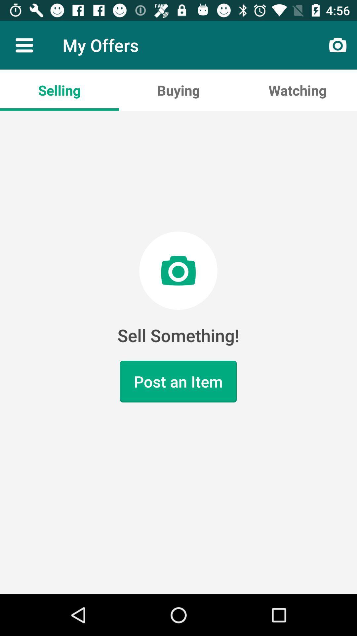 This screenshot has width=357, height=636. I want to click on the icon above sell something! icon, so click(59, 90).